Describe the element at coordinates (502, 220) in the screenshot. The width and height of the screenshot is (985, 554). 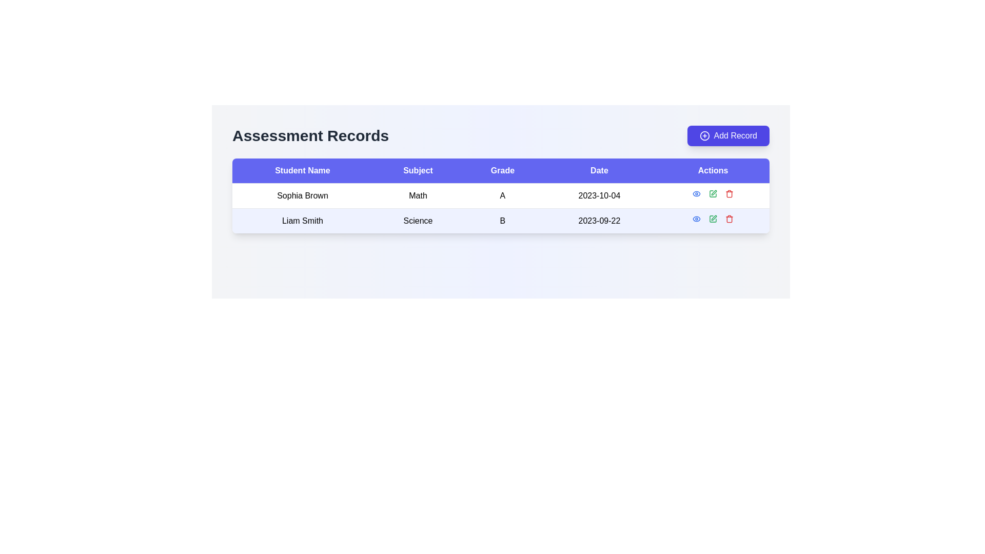
I see `the bold black capital letter 'B' in the 'Grade' column of the data table for 'Liam Smith' and 'Science', located in the third cell of the second row` at that location.